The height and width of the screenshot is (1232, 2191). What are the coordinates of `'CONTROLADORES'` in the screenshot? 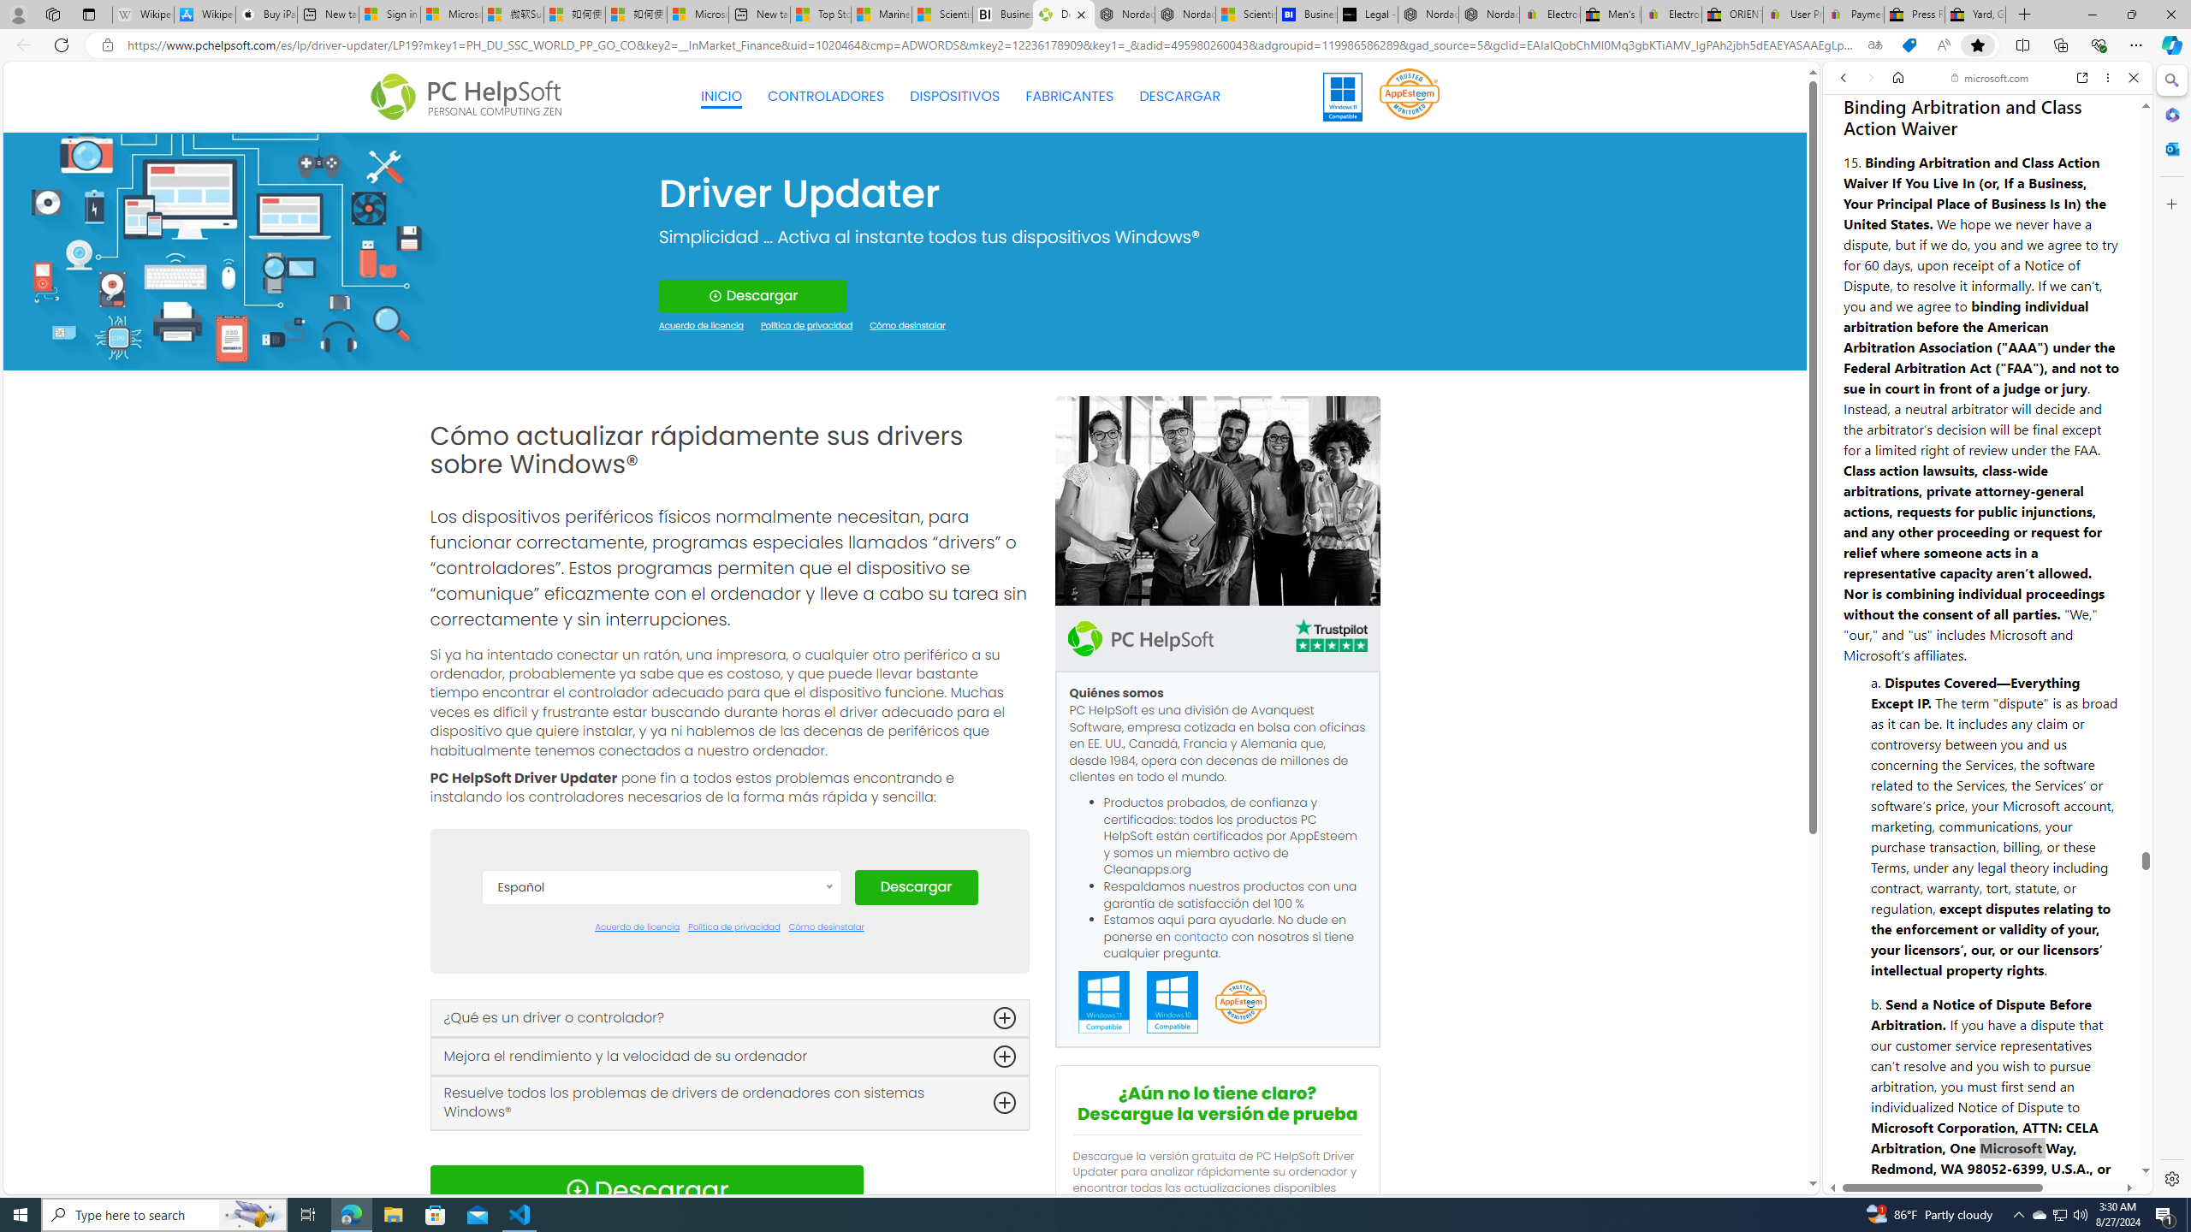 It's located at (826, 96).